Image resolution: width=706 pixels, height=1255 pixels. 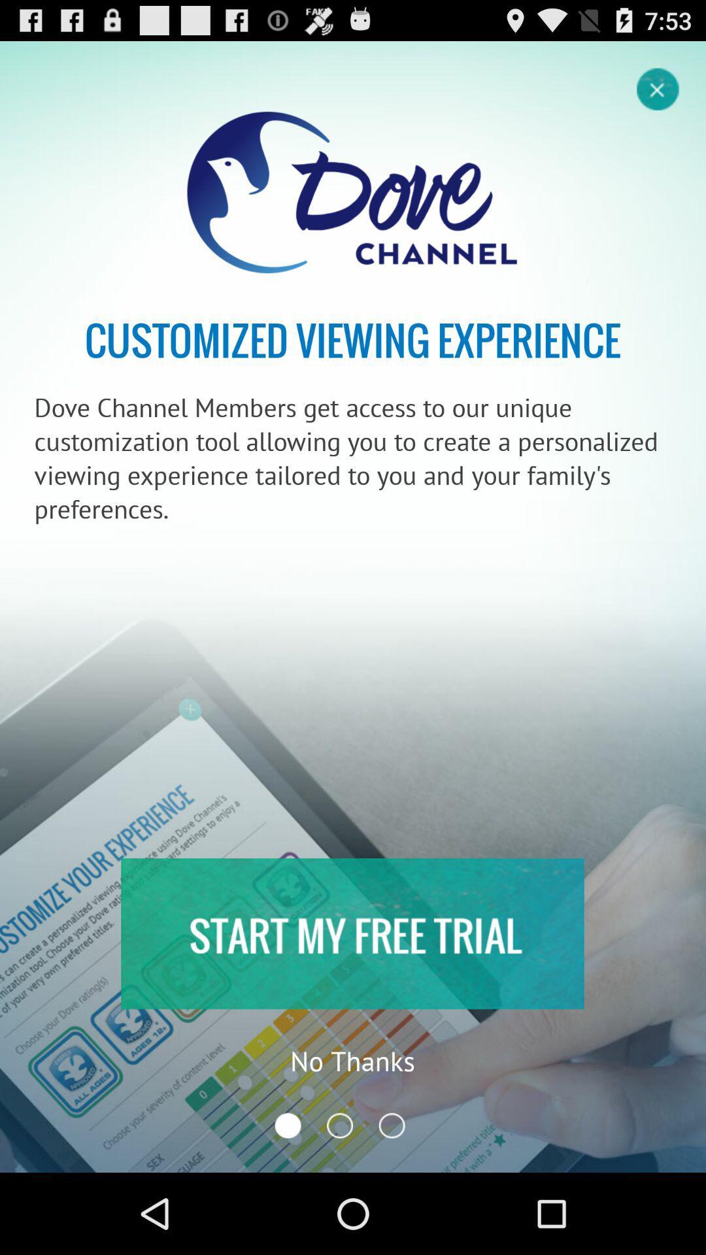 I want to click on screen, so click(x=658, y=88).